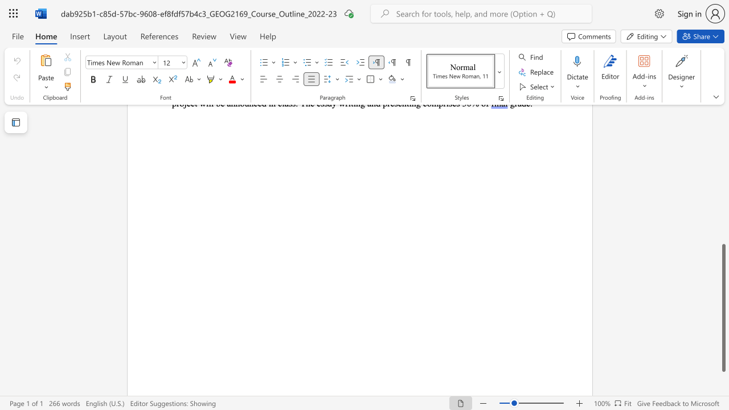 This screenshot has width=729, height=410. I want to click on the scrollbar to adjust the page upward, so click(723, 120).